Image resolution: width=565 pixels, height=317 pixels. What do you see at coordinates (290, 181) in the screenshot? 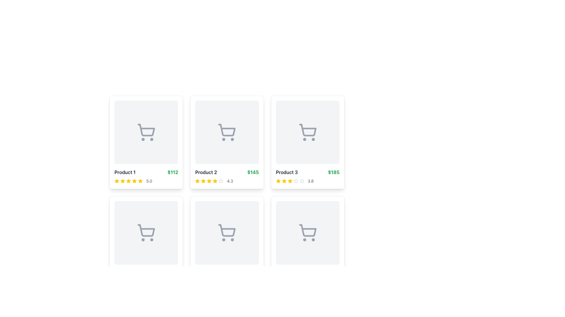
I see `the fifth star icon in the star-based rating system for the third product card` at bounding box center [290, 181].